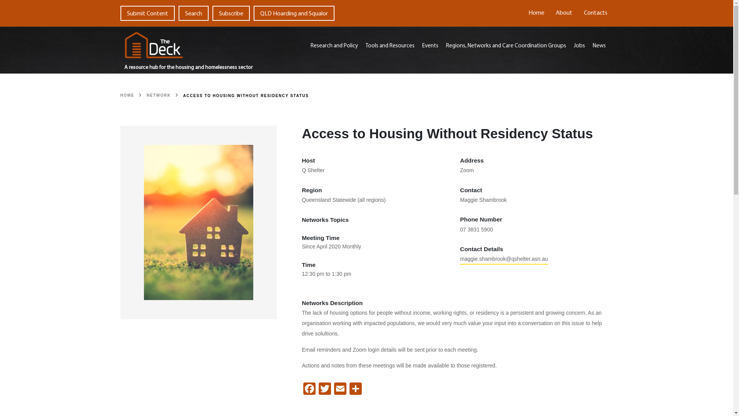 This screenshot has width=739, height=416. I want to click on 'News', so click(599, 46).